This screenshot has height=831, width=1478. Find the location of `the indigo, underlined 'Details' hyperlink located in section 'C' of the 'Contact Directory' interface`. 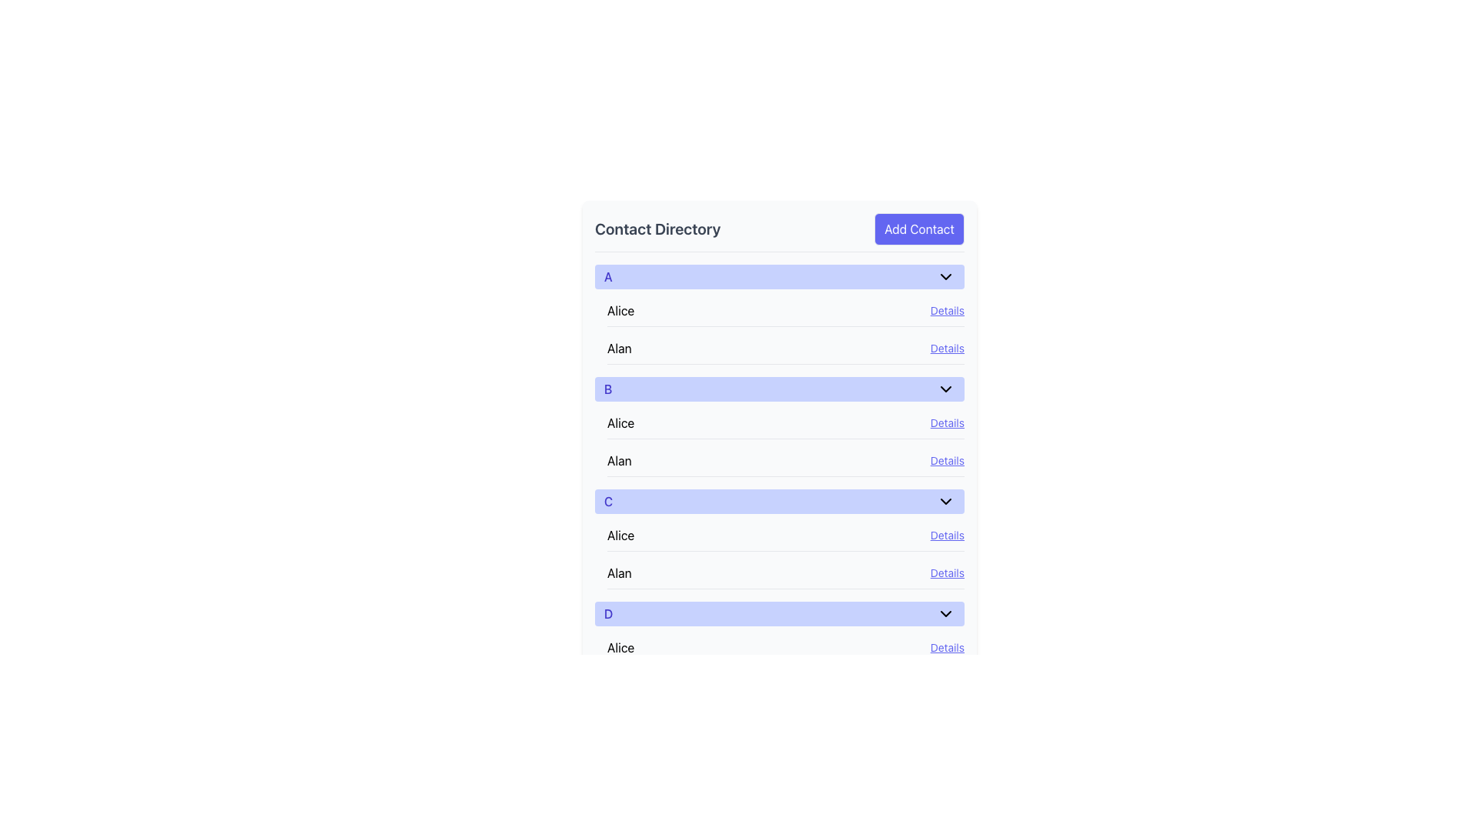

the indigo, underlined 'Details' hyperlink located in section 'C' of the 'Contact Directory' interface is located at coordinates (946, 572).